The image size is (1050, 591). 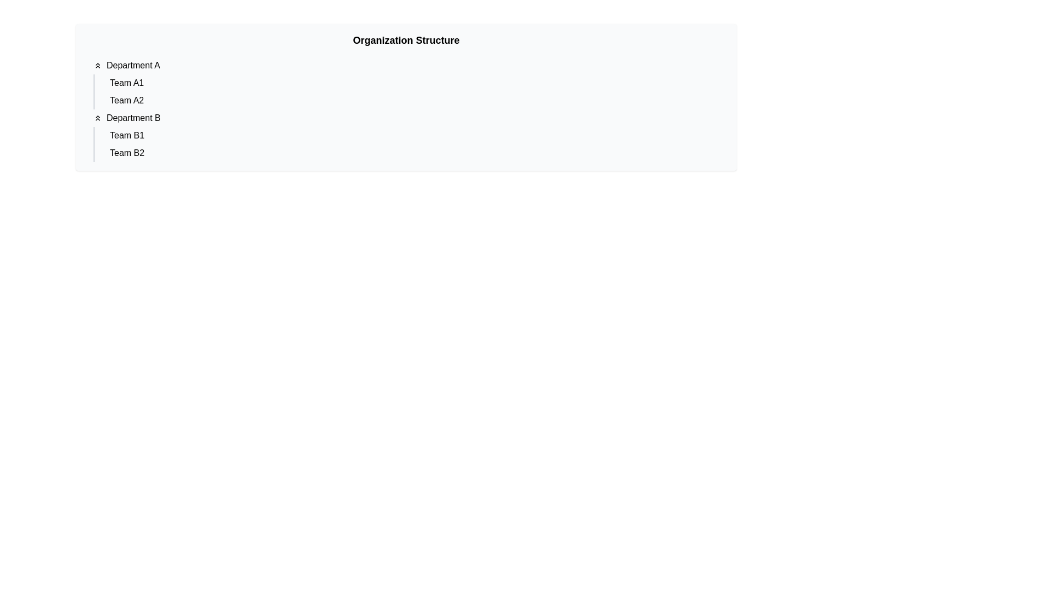 What do you see at coordinates (132, 65) in the screenshot?
I see `the Text Label that displays 'Department A' in bold black font, located under the 'Organization Structure' section, following the collapsible toggle icon` at bounding box center [132, 65].